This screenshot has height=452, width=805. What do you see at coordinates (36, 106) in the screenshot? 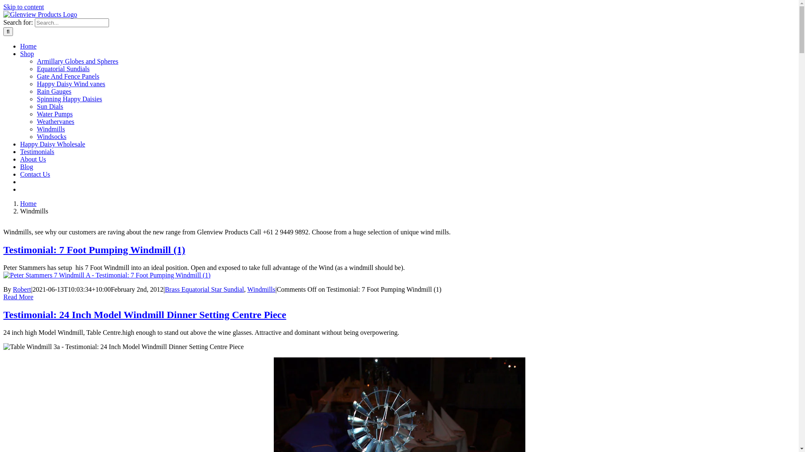
I see `'Sun Dials'` at bounding box center [36, 106].